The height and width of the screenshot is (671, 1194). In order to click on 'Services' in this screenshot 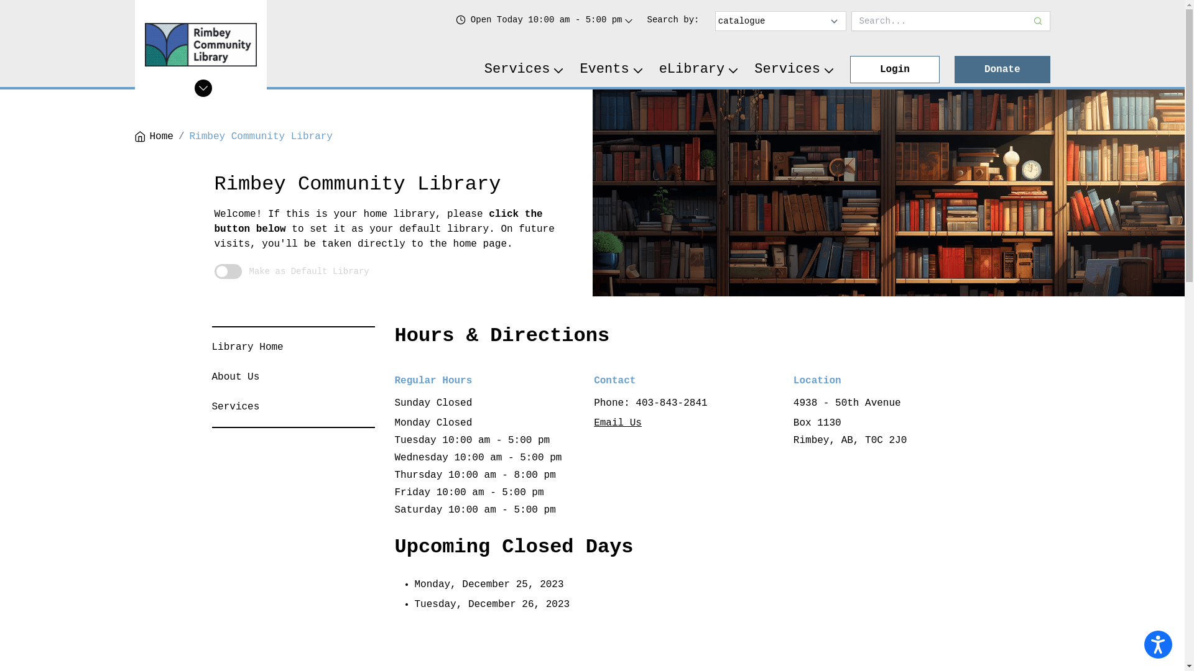, I will do `click(794, 69)`.